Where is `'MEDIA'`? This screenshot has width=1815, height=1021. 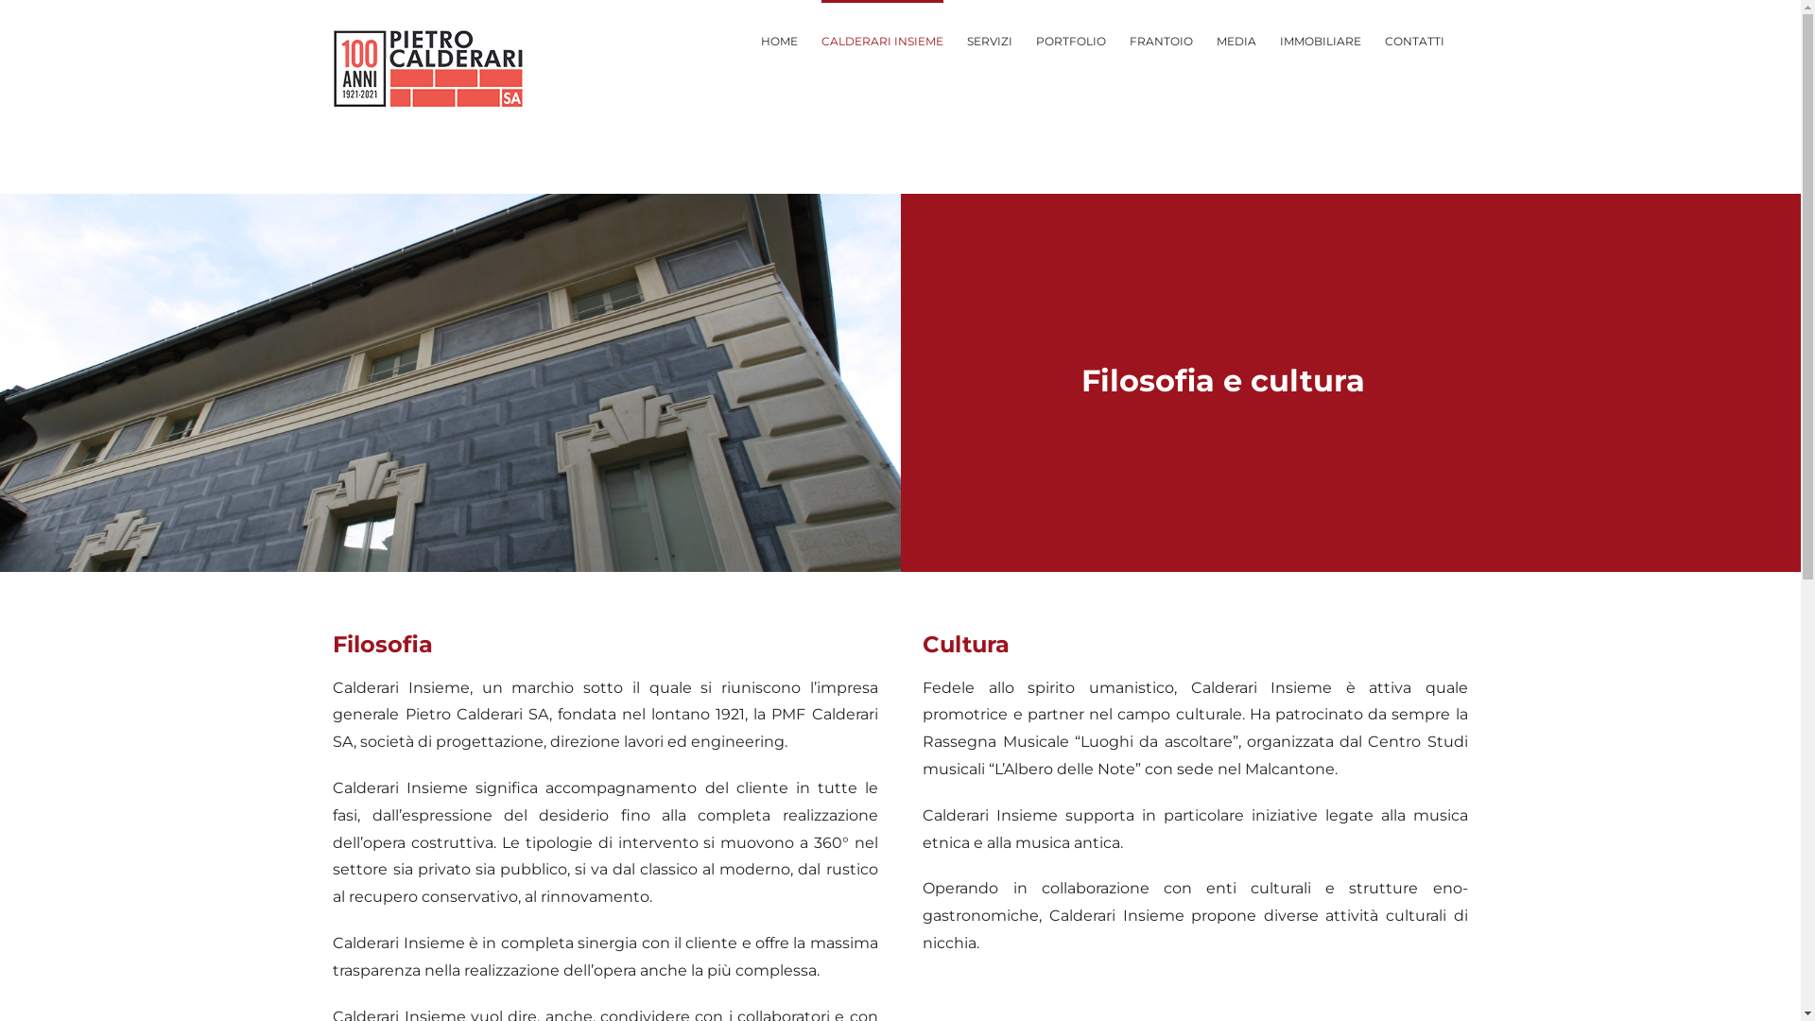 'MEDIA' is located at coordinates (1235, 40).